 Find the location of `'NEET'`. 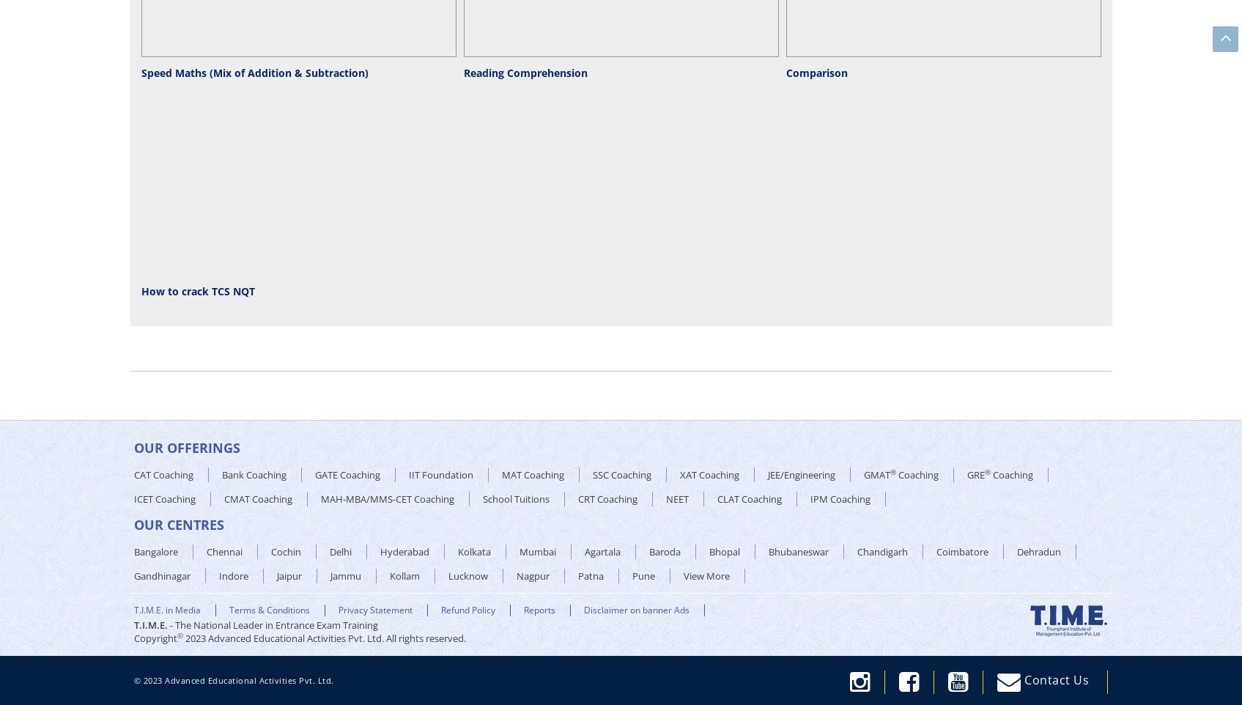

'NEET' is located at coordinates (676, 498).